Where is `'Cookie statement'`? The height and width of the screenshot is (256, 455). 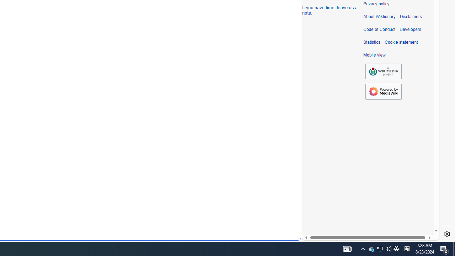
'Cookie statement' is located at coordinates (401, 42).